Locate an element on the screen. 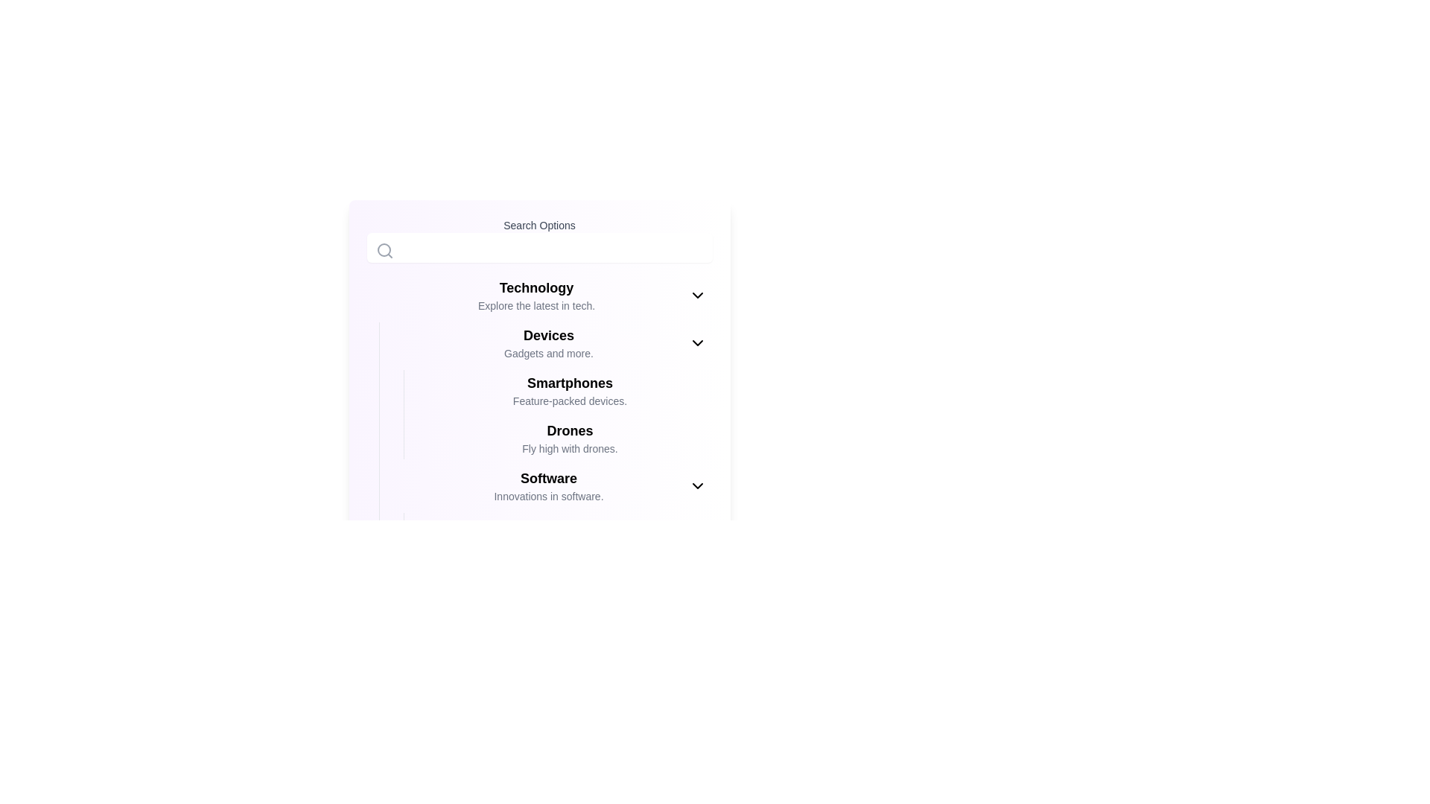 The height and width of the screenshot is (804, 1430). the 'Technology' dropdown menu header is located at coordinates (544, 296).